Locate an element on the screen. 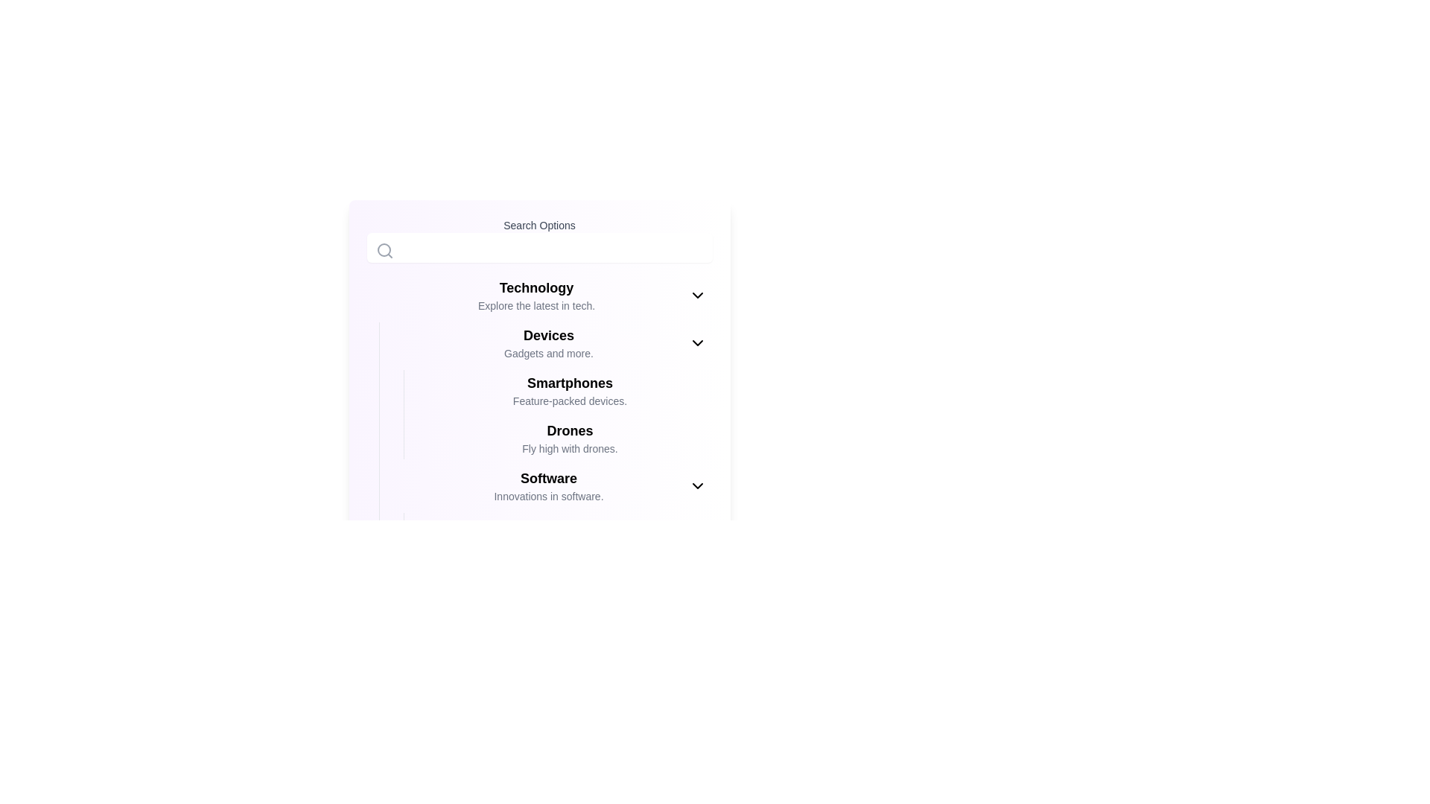 The height and width of the screenshot is (804, 1430). the 'Technology' dropdown menu header is located at coordinates (544, 296).